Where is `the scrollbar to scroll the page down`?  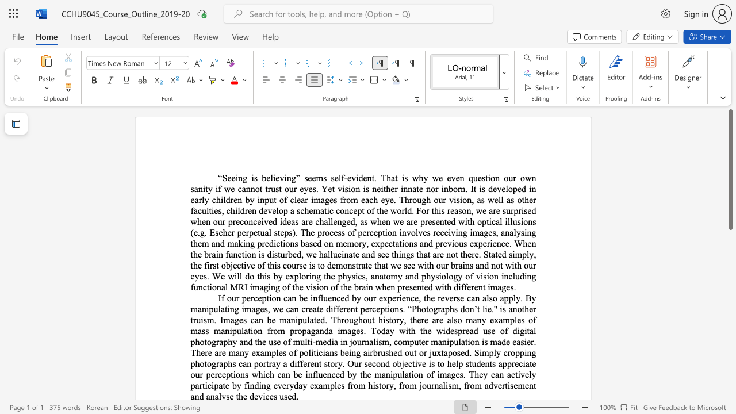 the scrollbar to scroll the page down is located at coordinates (730, 355).